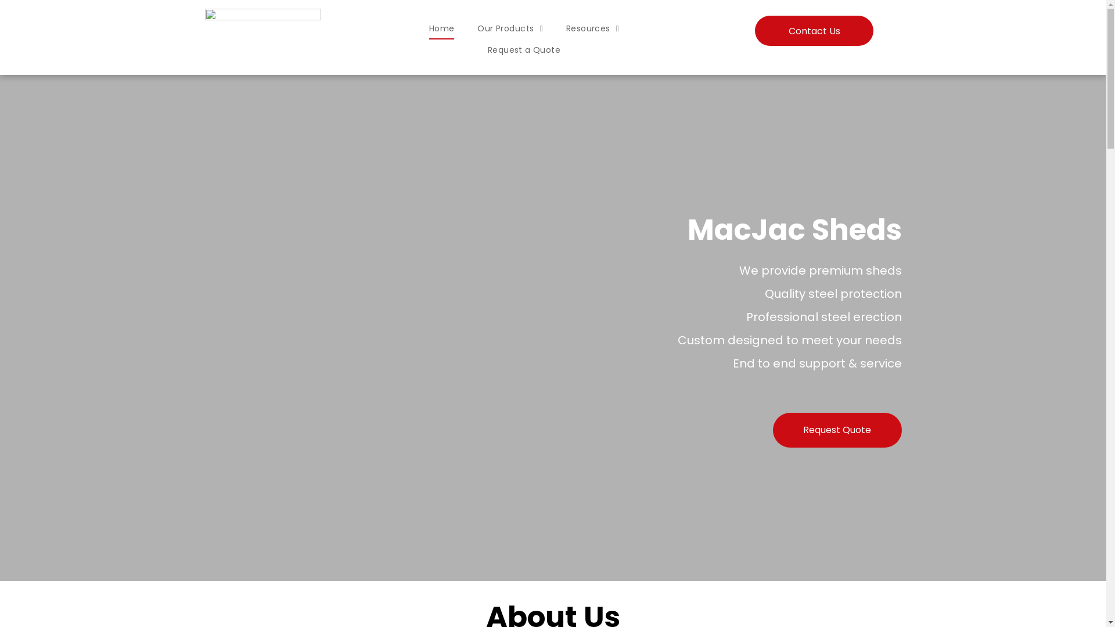  Describe the element at coordinates (523, 50) in the screenshot. I see `'Request a Quote'` at that location.